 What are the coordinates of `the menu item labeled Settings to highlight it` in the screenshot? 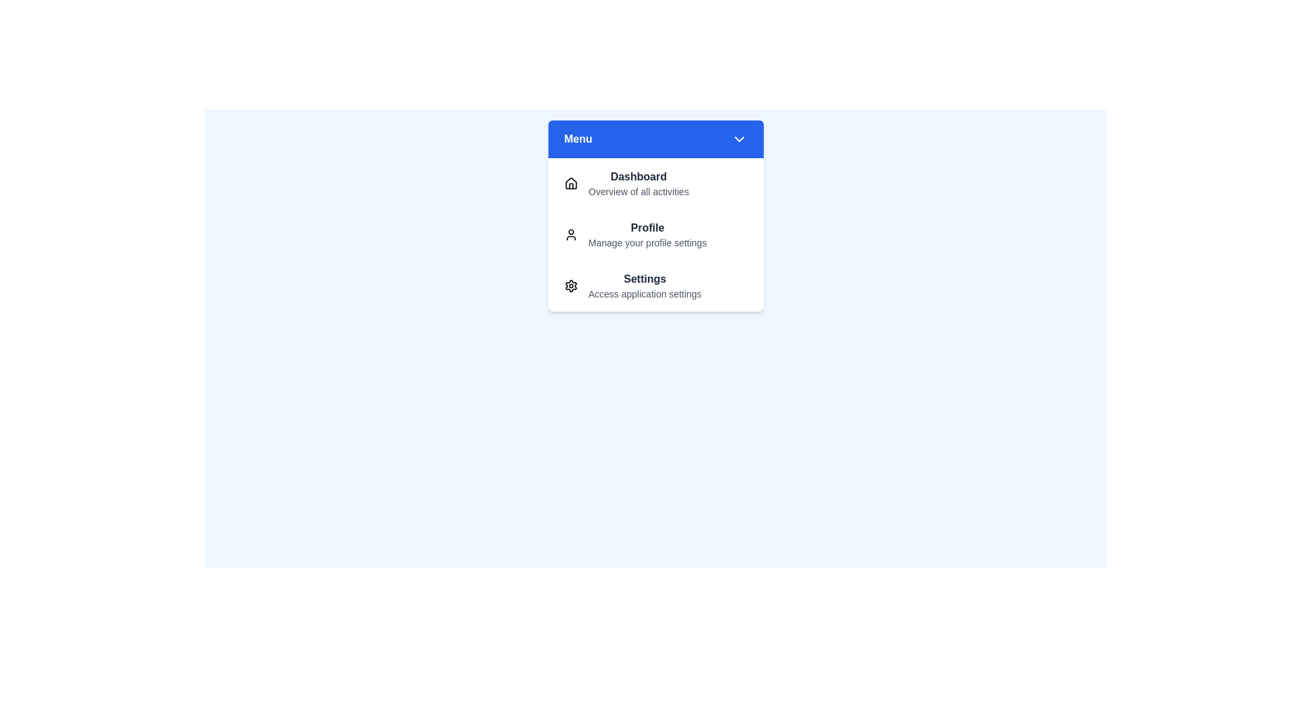 It's located at (655, 285).